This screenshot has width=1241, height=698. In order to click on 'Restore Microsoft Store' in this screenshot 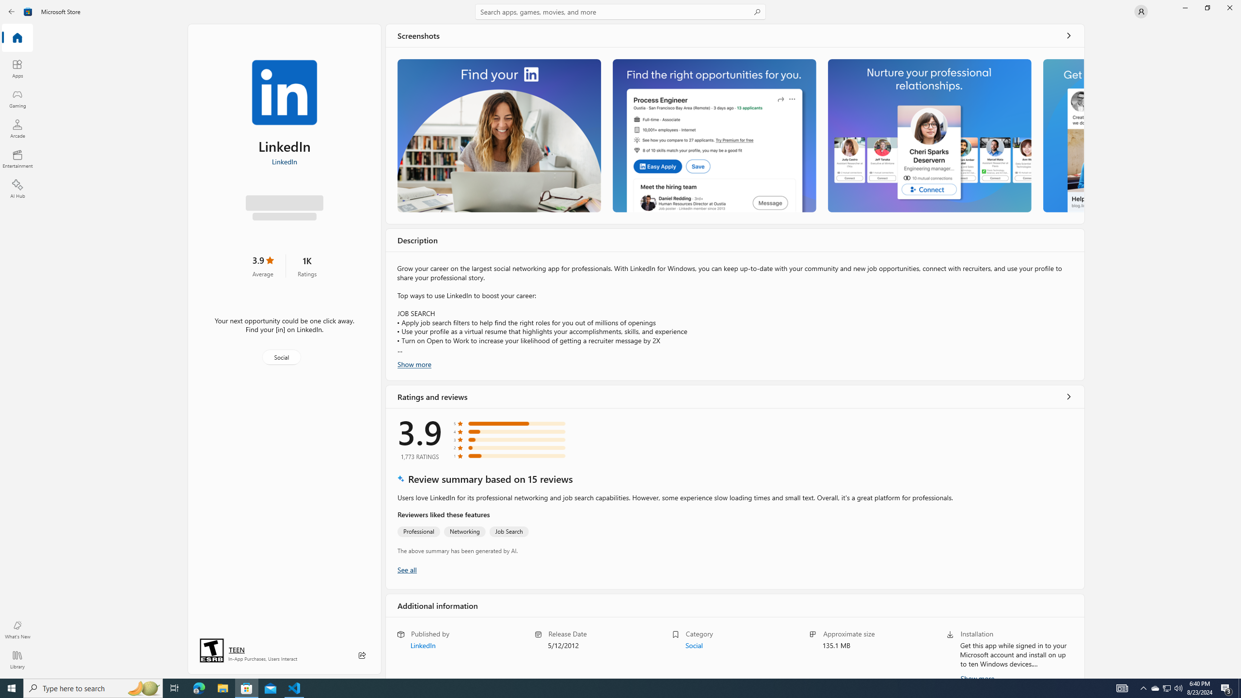, I will do `click(1207, 7)`.